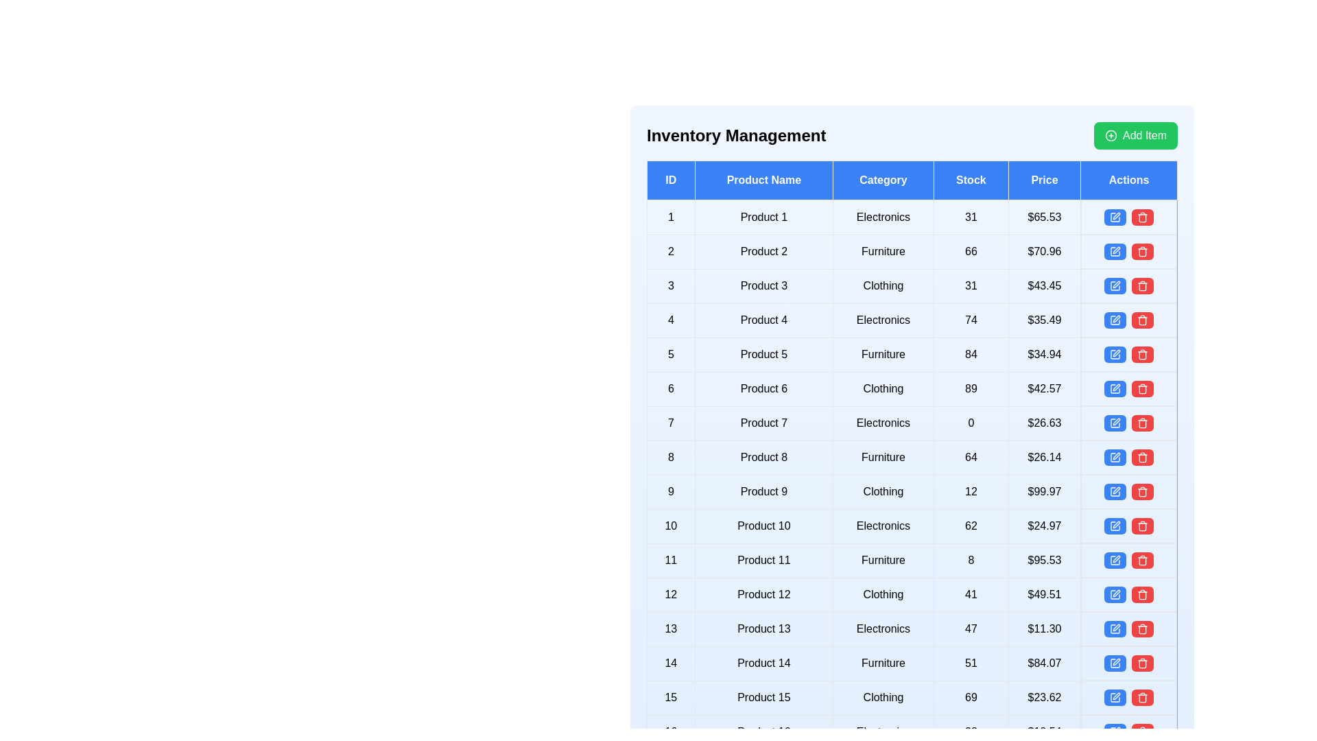  What do you see at coordinates (763, 179) in the screenshot?
I see `the header of the column to sort or filter the table by Product Name` at bounding box center [763, 179].